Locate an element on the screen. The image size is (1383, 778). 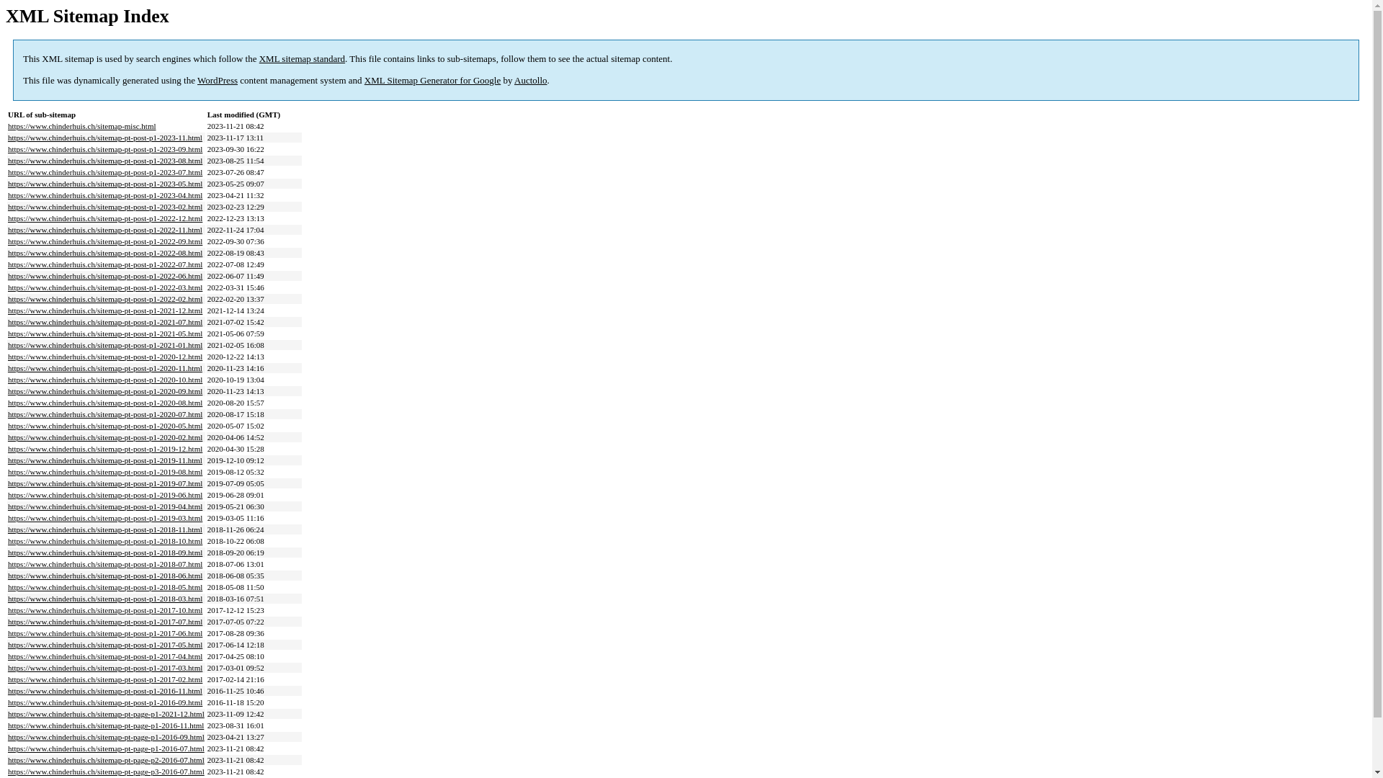
'https://www.chinderhuis.ch/sitemap-pt-post-p1-2020-08.html' is located at coordinates (104, 403).